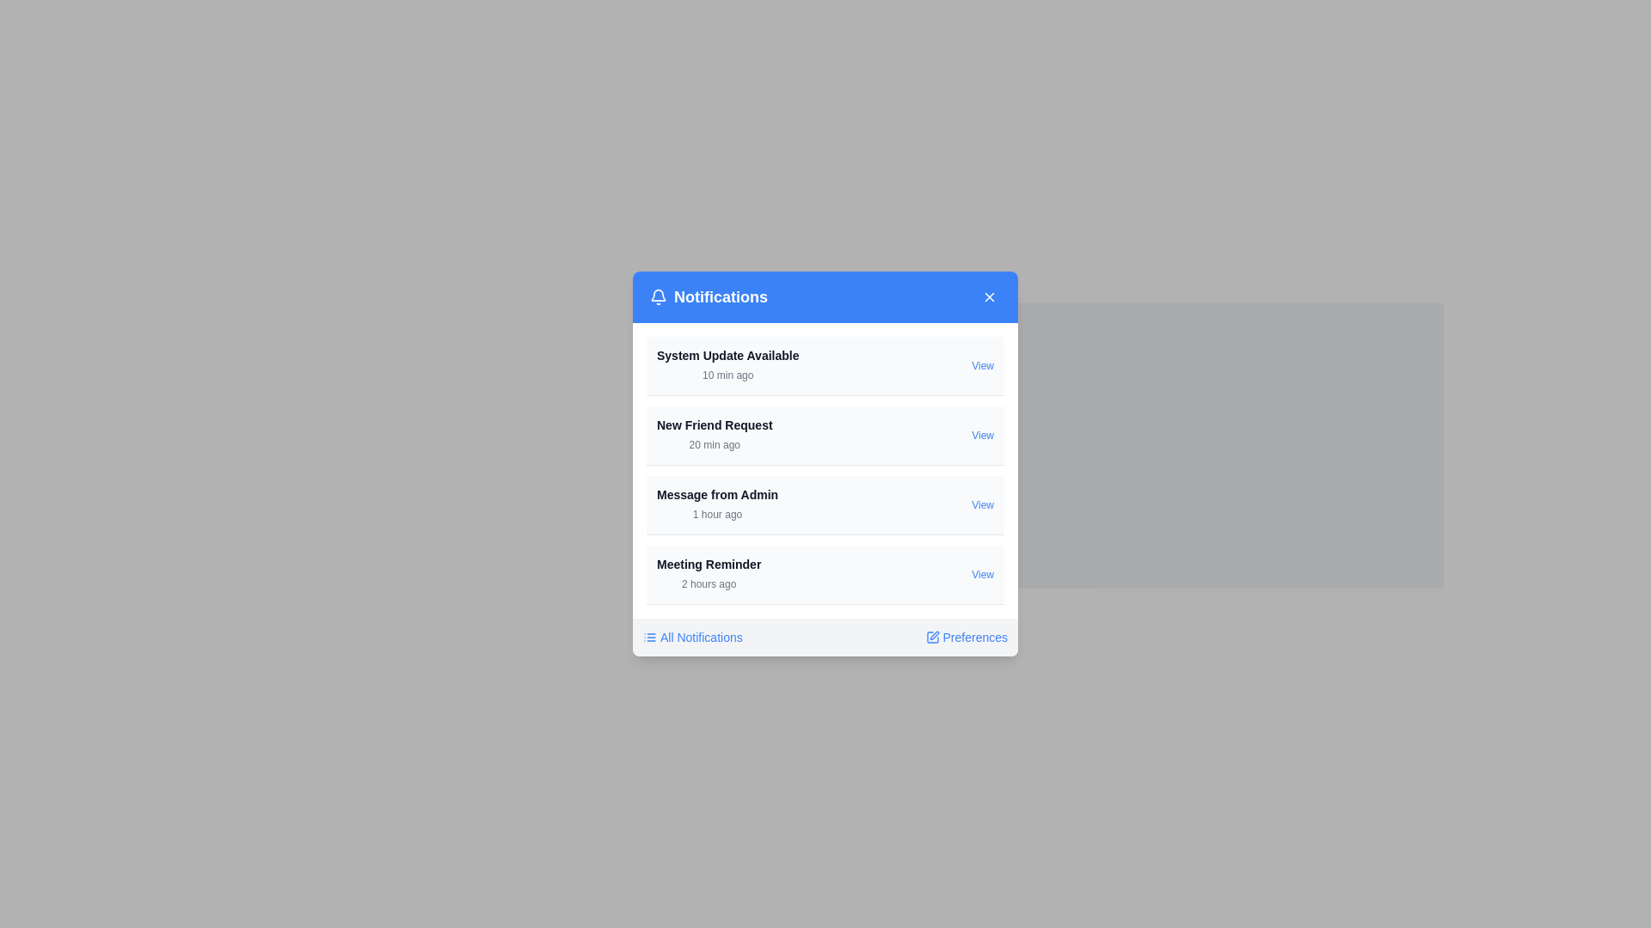 This screenshot has height=928, width=1651. What do you see at coordinates (990, 296) in the screenshot?
I see `the white 'X' close icon button located at the top-right corner of the Notifications pop-up header` at bounding box center [990, 296].